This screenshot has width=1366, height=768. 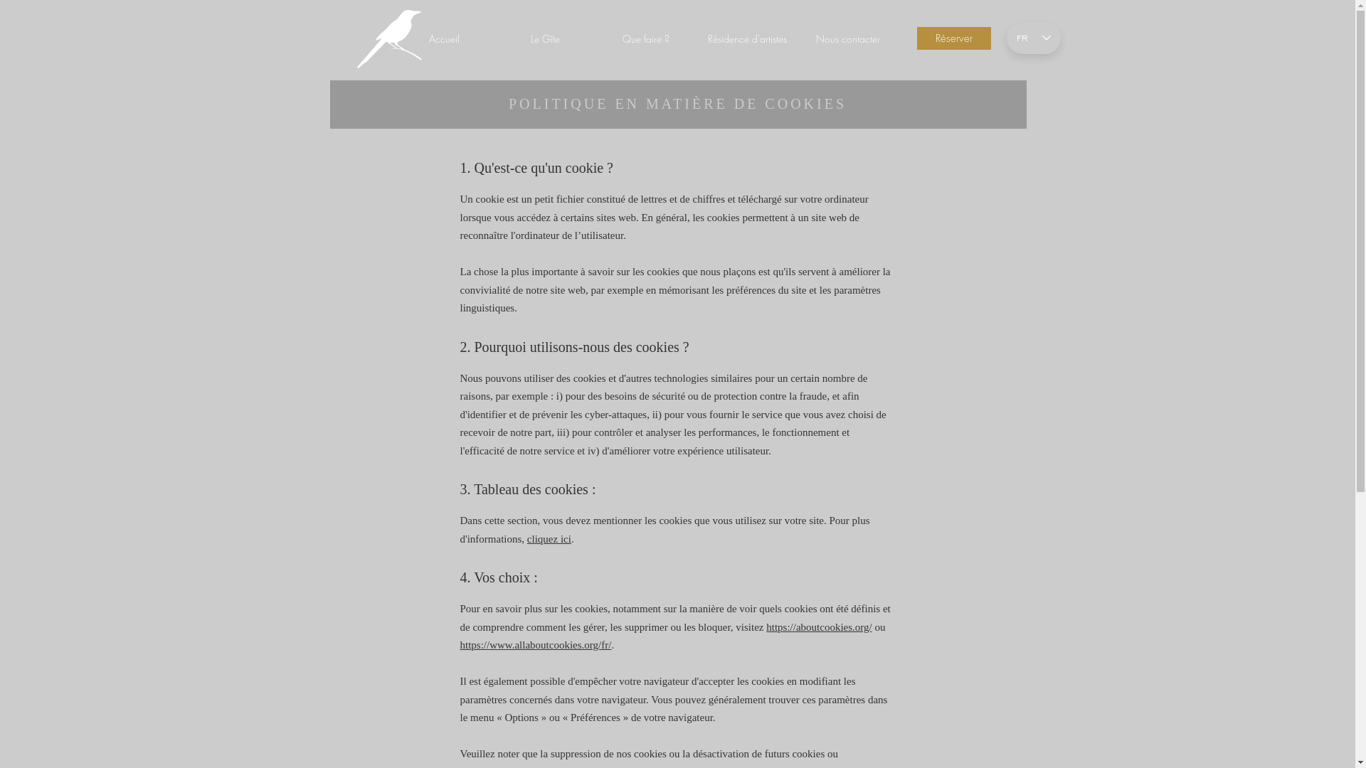 I want to click on 'https://aboutcookies.org/', so click(x=819, y=626).